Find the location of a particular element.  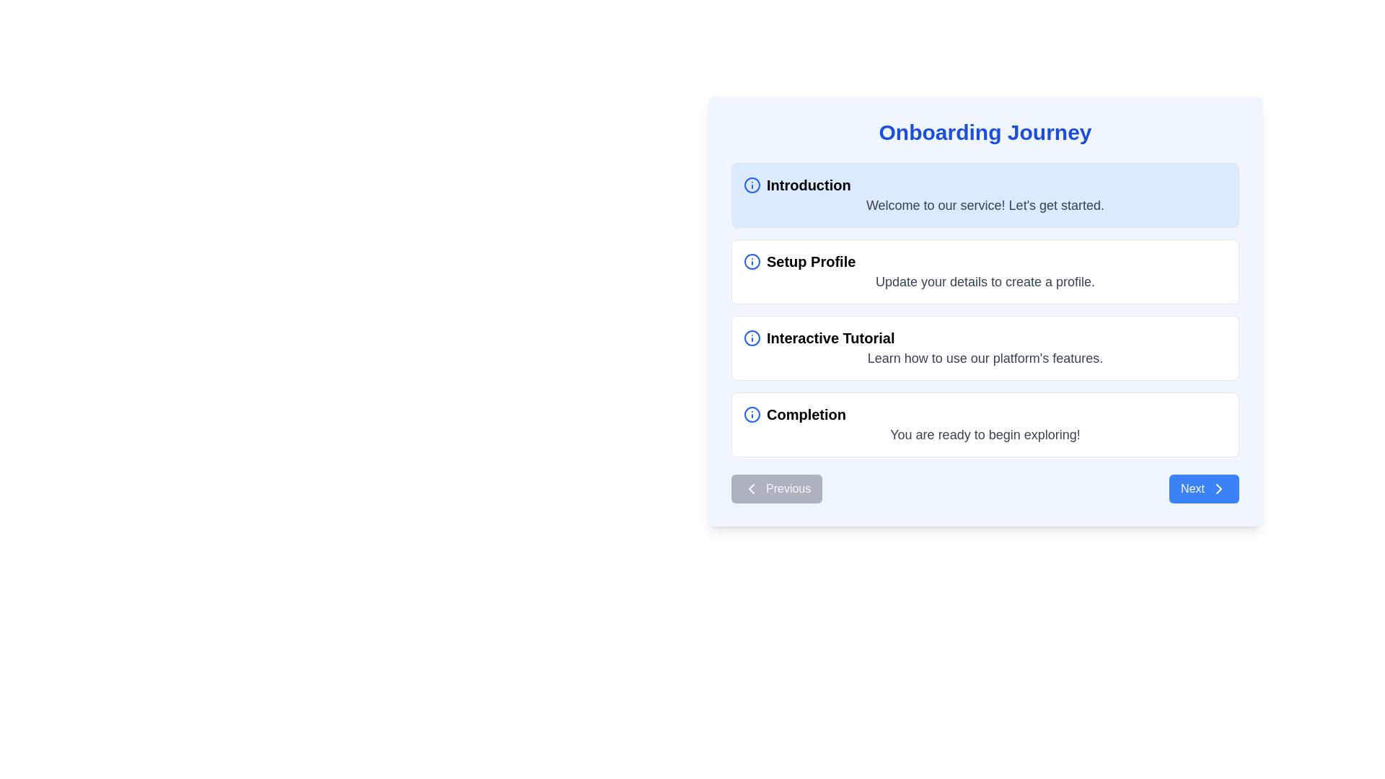

the 'Previous' button, which is styled with a gray background, white text, and a left-pointing chevron icon, located at the bottom-left side of the onboarding card is located at coordinates (776, 488).